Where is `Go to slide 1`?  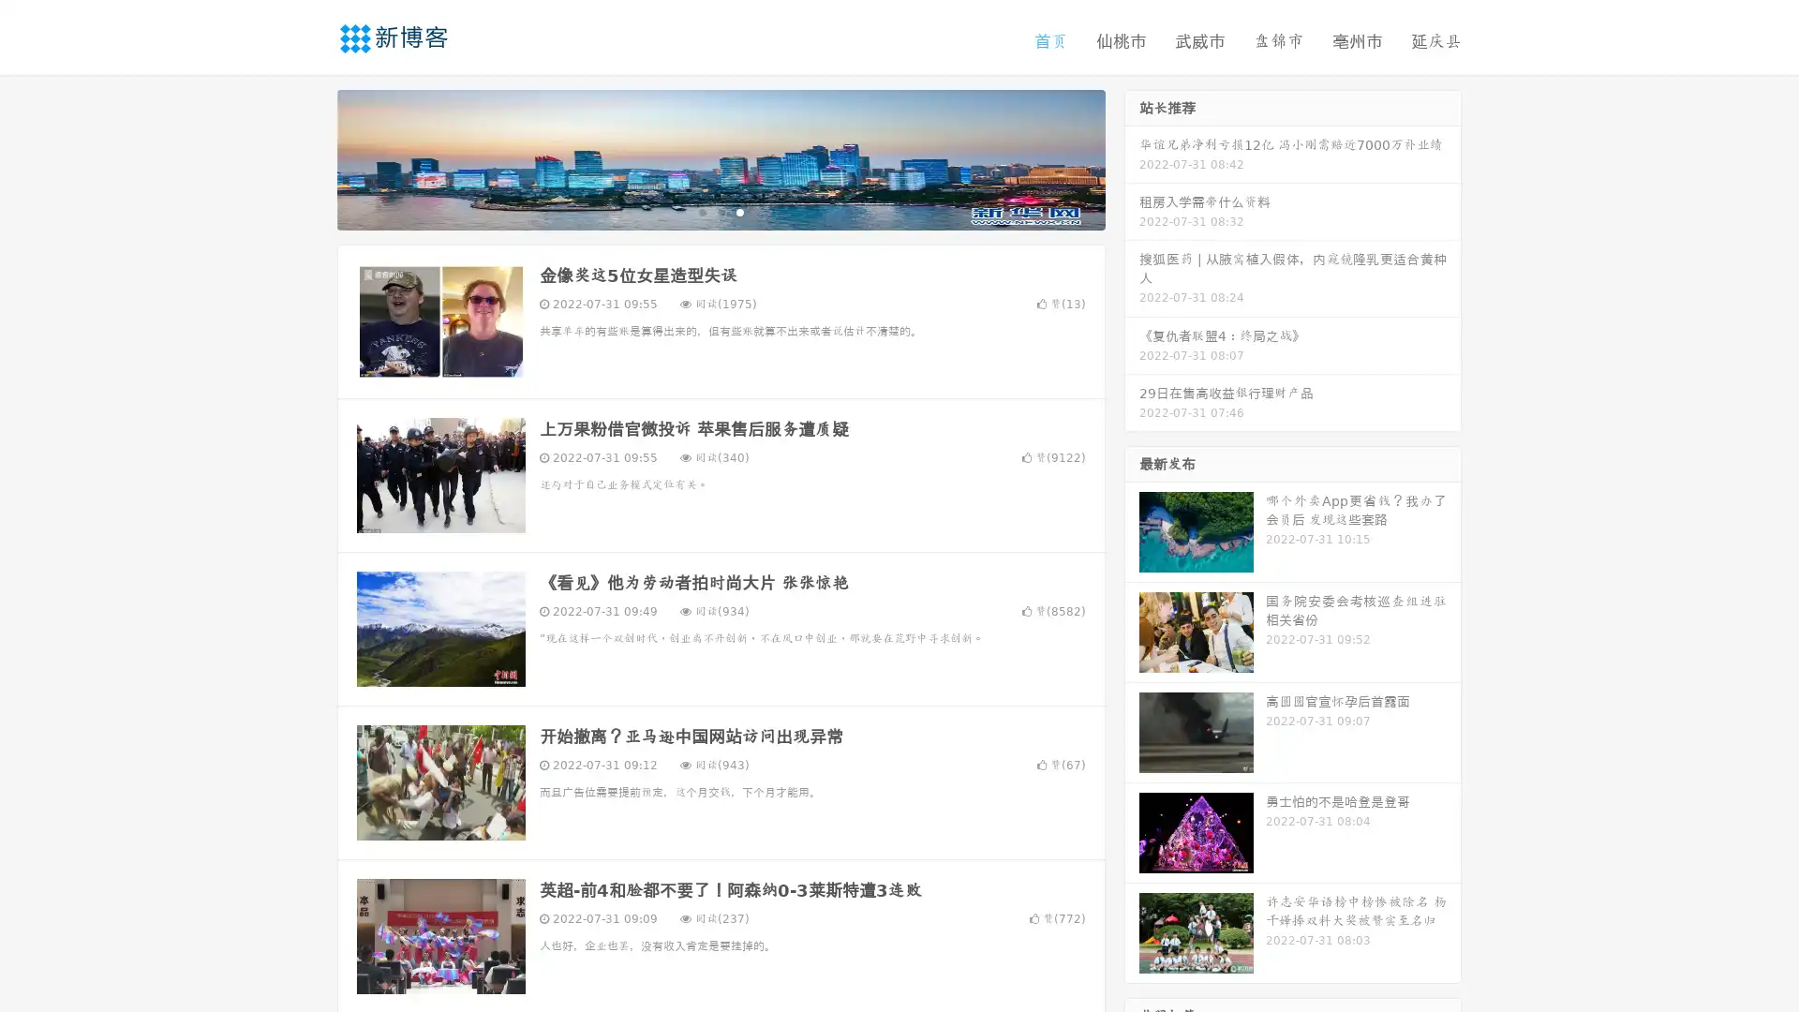 Go to slide 1 is located at coordinates (701, 211).